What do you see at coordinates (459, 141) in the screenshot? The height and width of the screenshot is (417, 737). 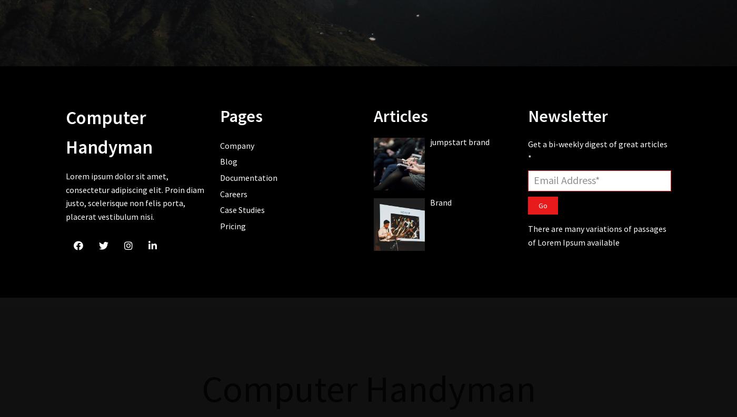 I see `'jumpstart brand'` at bounding box center [459, 141].